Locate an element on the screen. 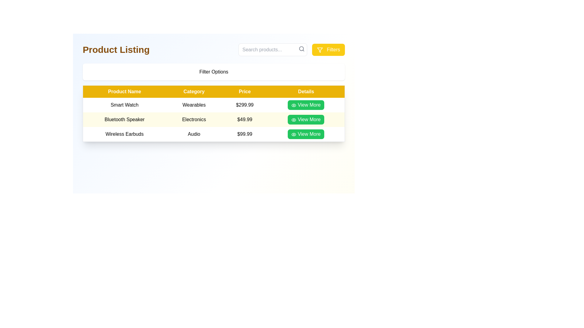 The height and width of the screenshot is (328, 584). the Text label that identifies the category of the product, located in the second column of the second row under the 'Category' heading next to 'Bluetooth Speaker' is located at coordinates (194, 119).